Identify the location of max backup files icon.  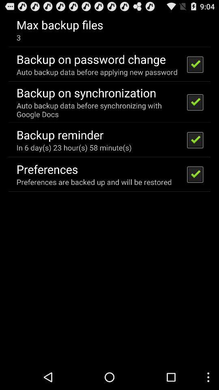
(59, 24).